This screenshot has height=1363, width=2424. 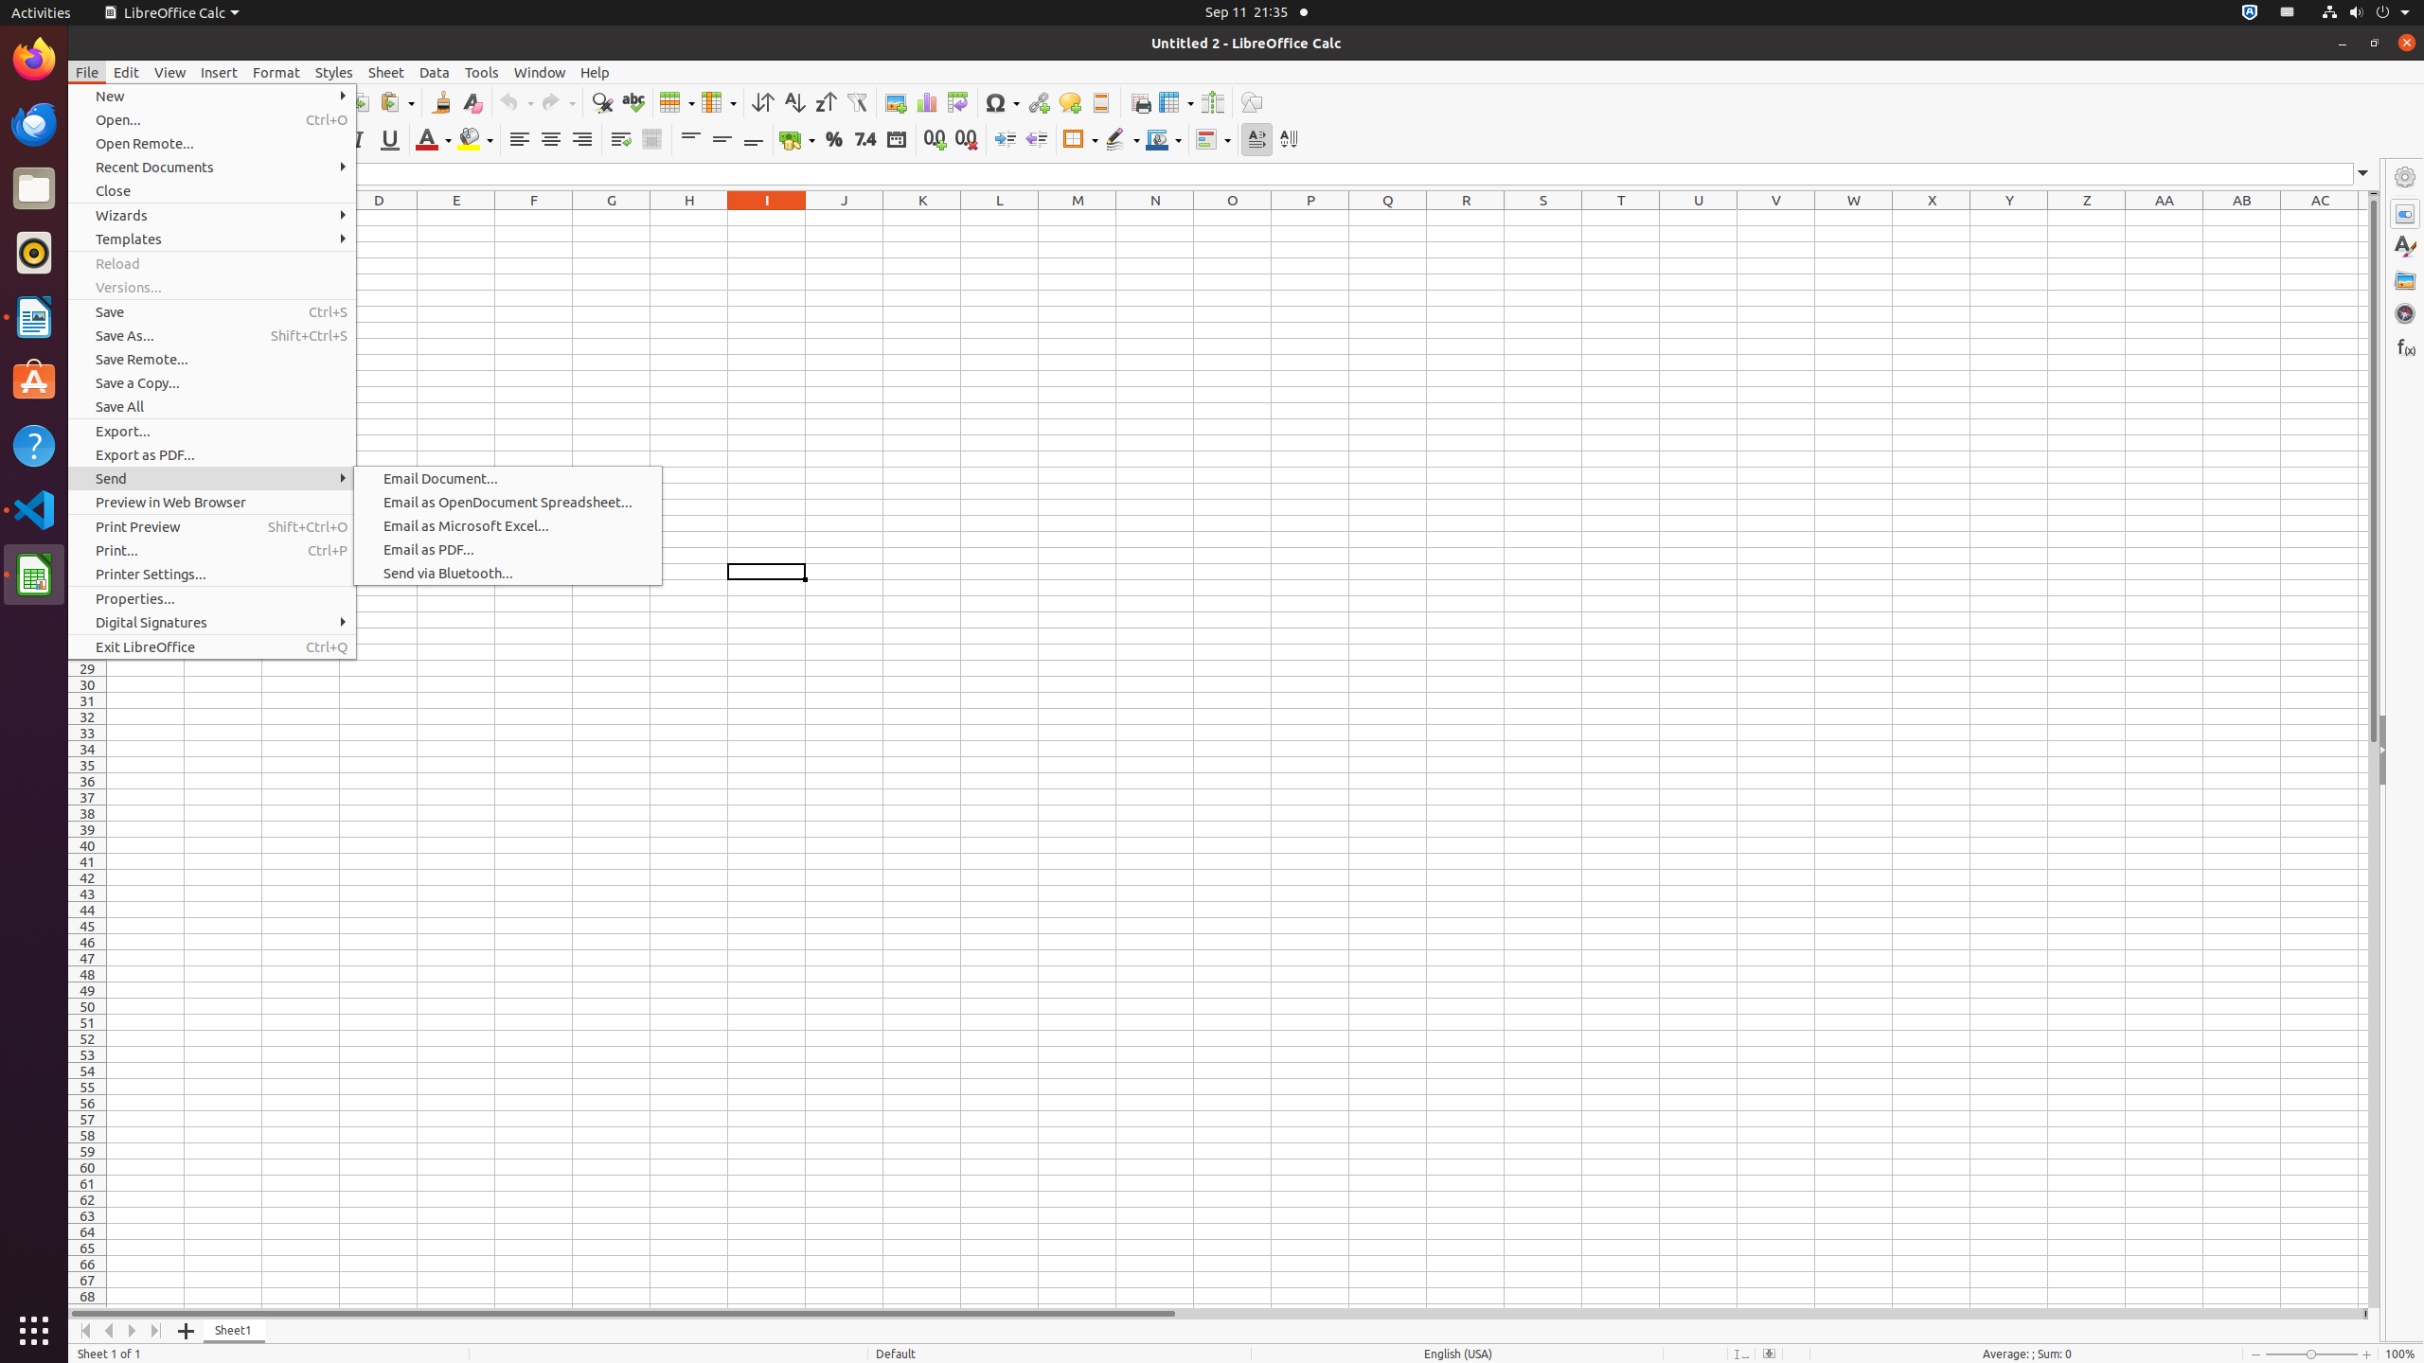 What do you see at coordinates (864, 138) in the screenshot?
I see `'Number'` at bounding box center [864, 138].